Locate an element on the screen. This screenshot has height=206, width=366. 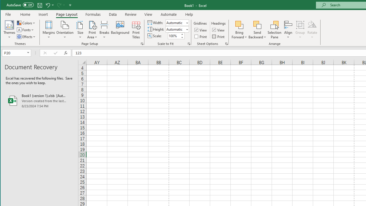
'Print Area' is located at coordinates (92, 30).